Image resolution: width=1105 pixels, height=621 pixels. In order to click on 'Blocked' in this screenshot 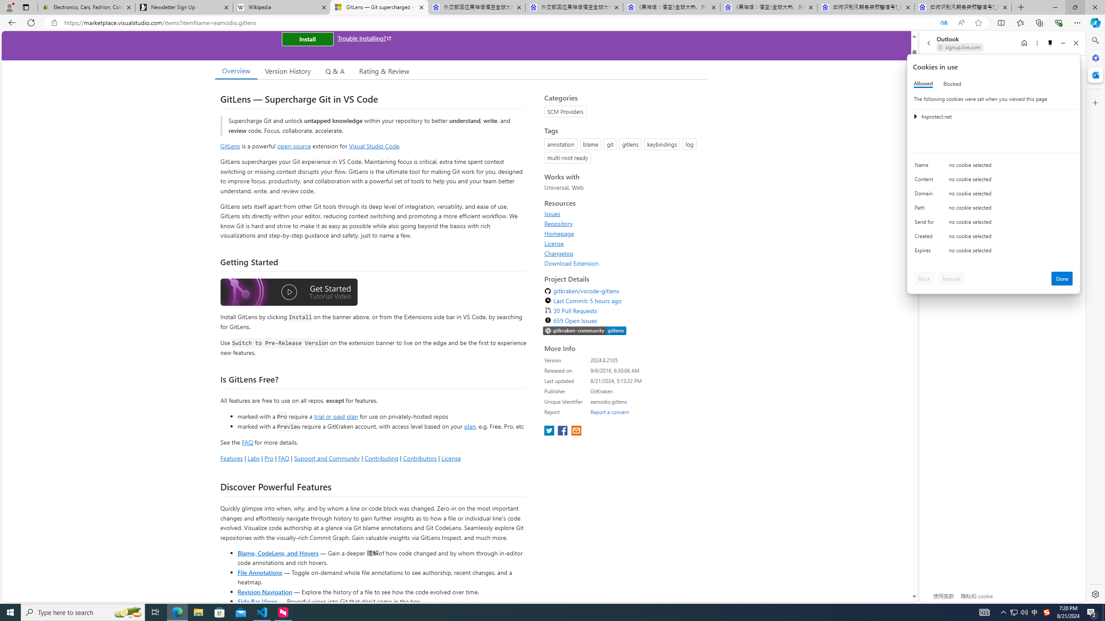, I will do `click(952, 84)`.